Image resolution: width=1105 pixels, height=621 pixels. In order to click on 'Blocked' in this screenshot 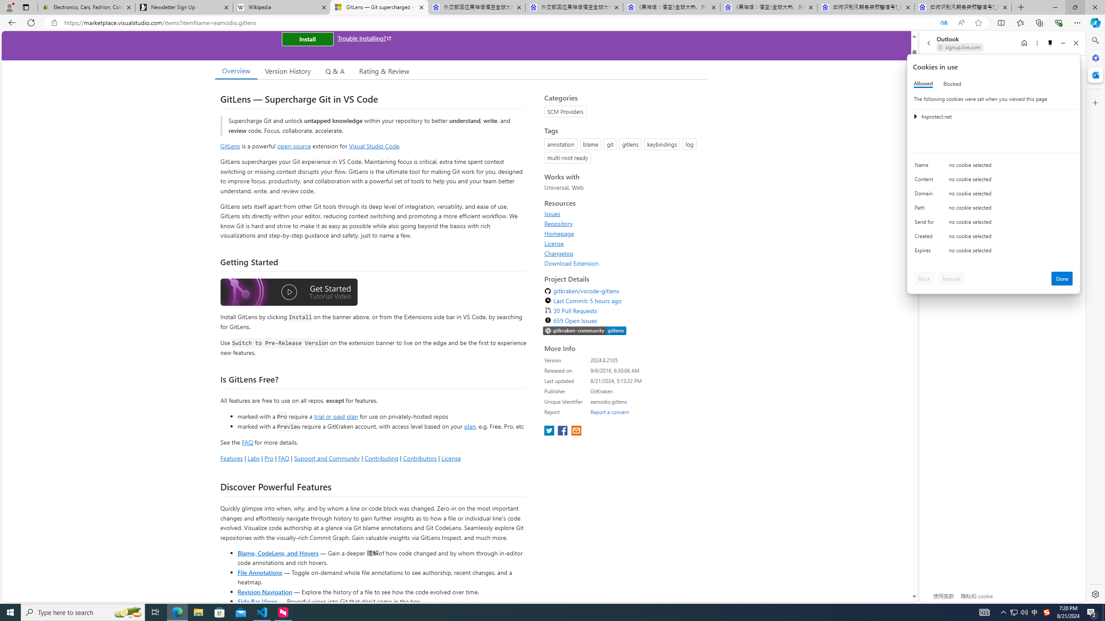, I will do `click(952, 84)`.